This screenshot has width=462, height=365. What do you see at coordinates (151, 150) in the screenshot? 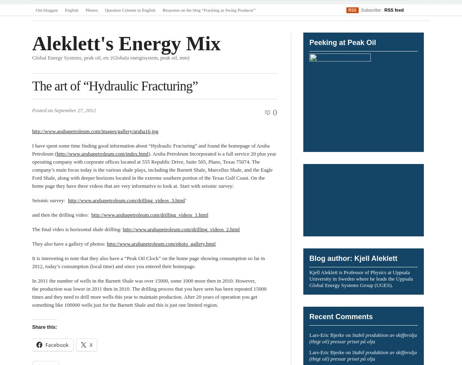
I see `'I have spent some time finding good information about “Hydraulic Fracturing” and found the homepage of Aruba Petroleum ('` at bounding box center [151, 150].